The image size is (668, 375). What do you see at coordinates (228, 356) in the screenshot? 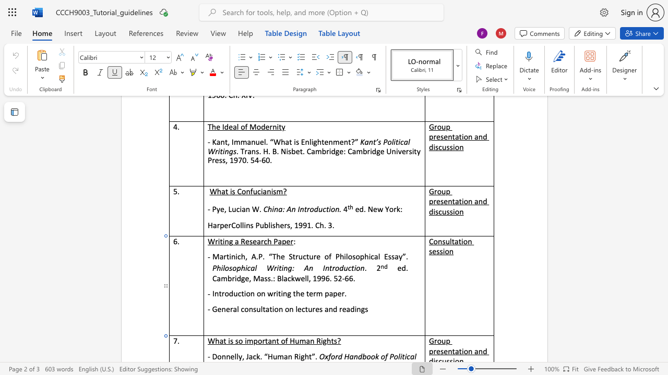
I see `the 2th character "n" in the text` at bounding box center [228, 356].